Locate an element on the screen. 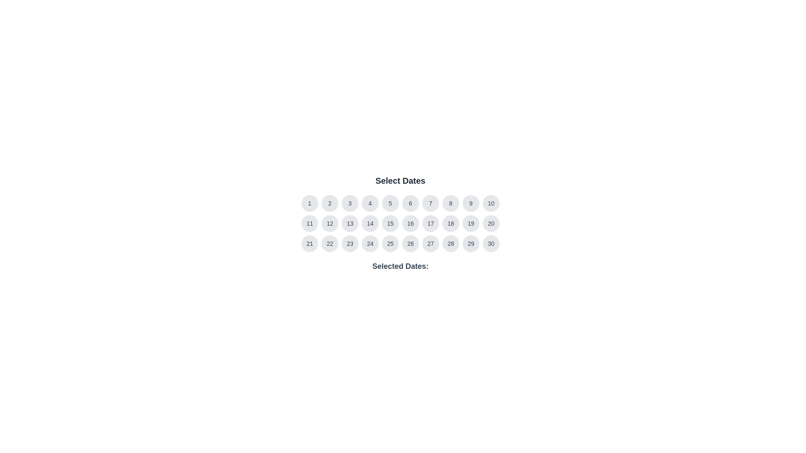 This screenshot has width=806, height=453. the circular button displaying the number '26' is located at coordinates (411, 244).